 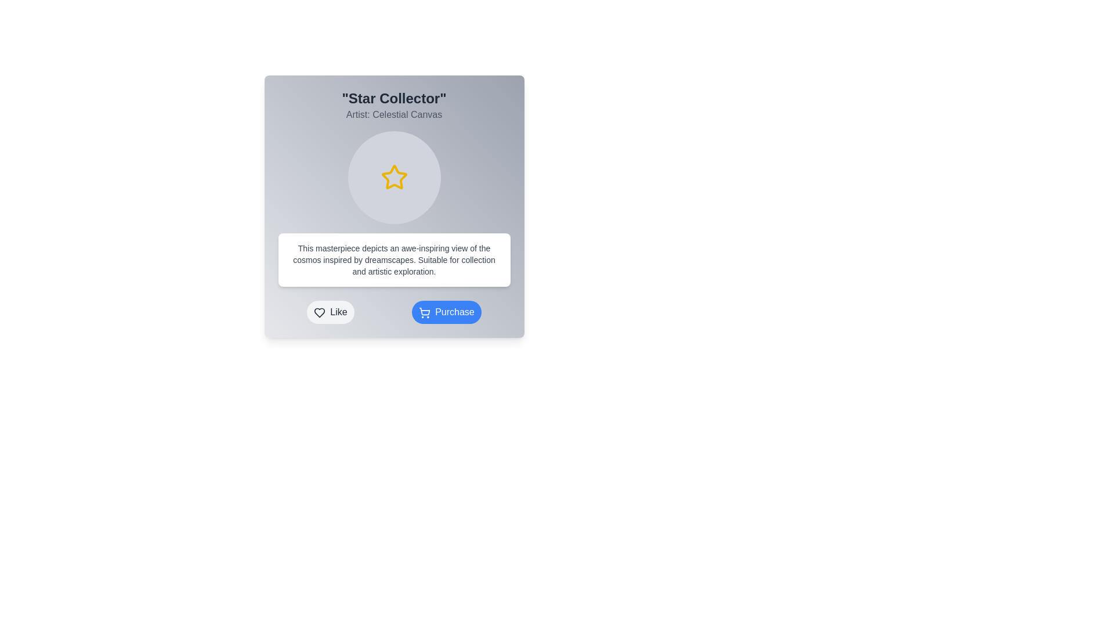 I want to click on the yellow star icon located at the center of the circular area within the card component, which is part of the 'Star Collector' title, so click(x=394, y=177).